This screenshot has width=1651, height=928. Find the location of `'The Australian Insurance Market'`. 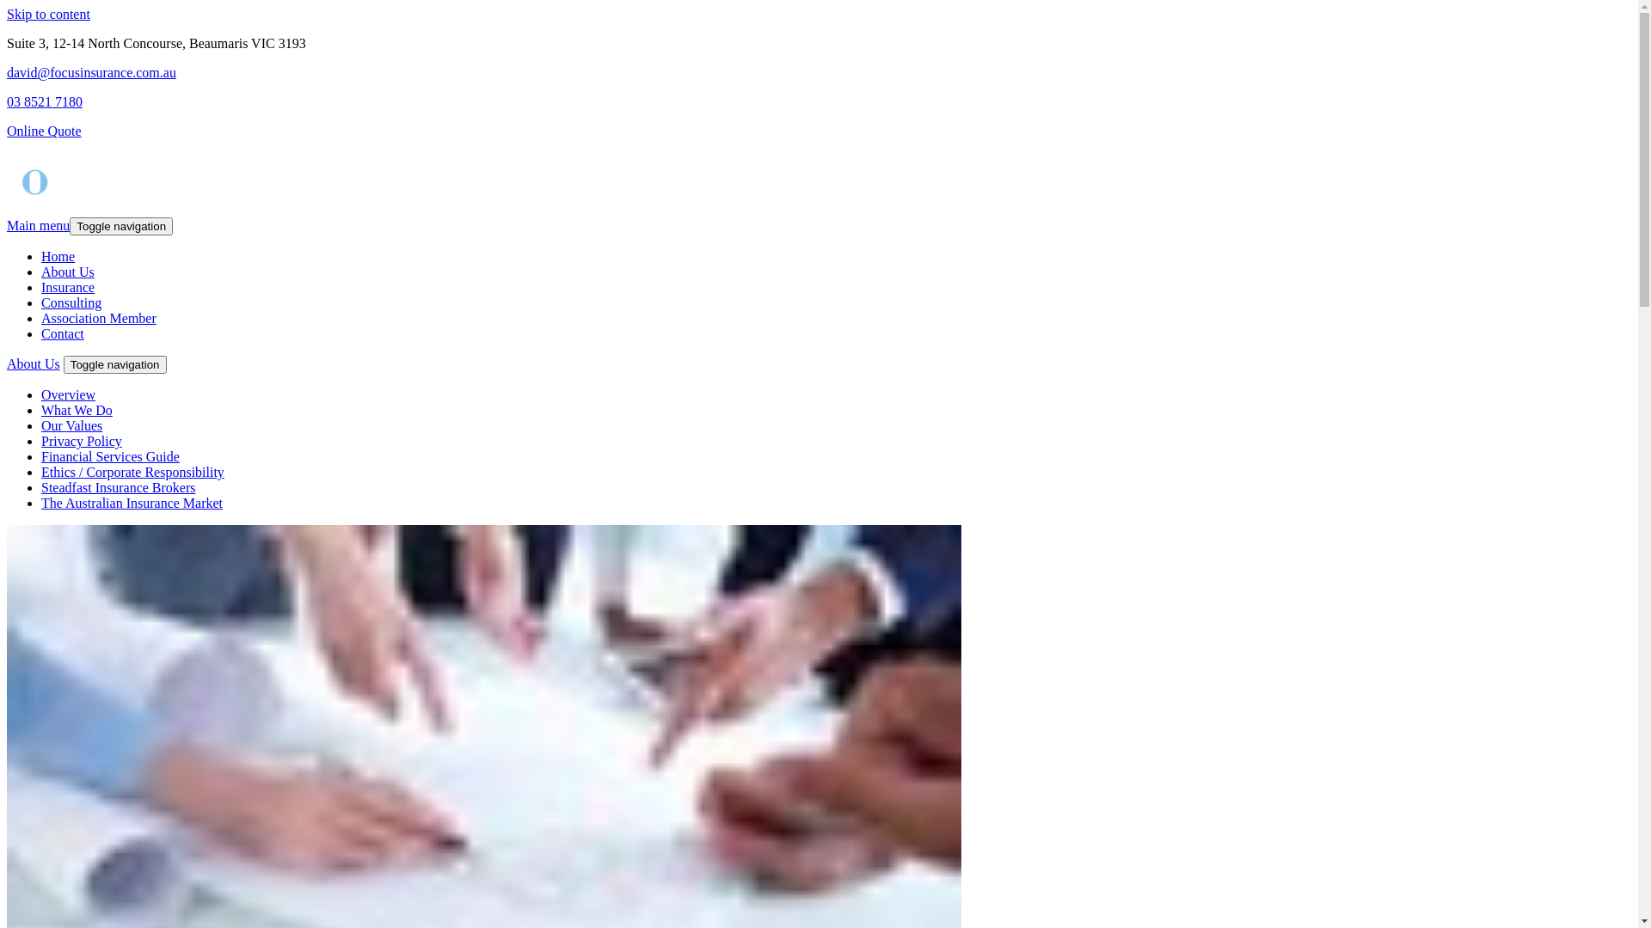

'The Australian Insurance Market' is located at coordinates (131, 503).